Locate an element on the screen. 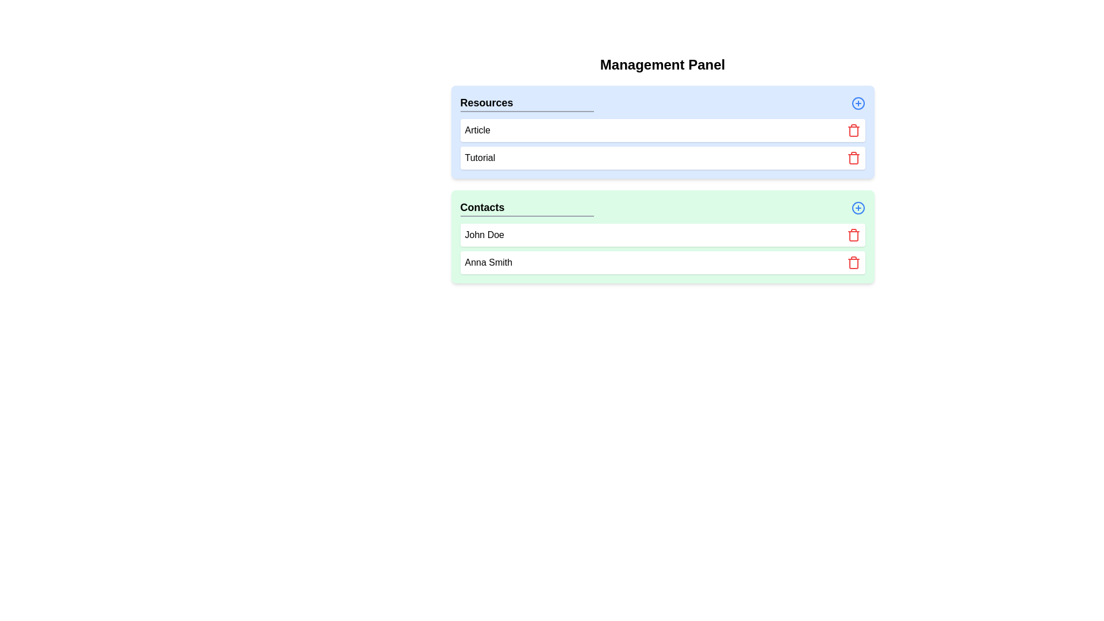  the header of the category to view its elements is located at coordinates (526, 103).